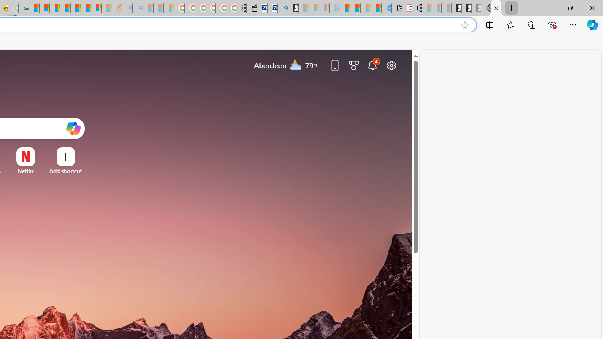 The image size is (603, 339). I want to click on 'Microsoft Start - Sleeping', so click(365, 8).